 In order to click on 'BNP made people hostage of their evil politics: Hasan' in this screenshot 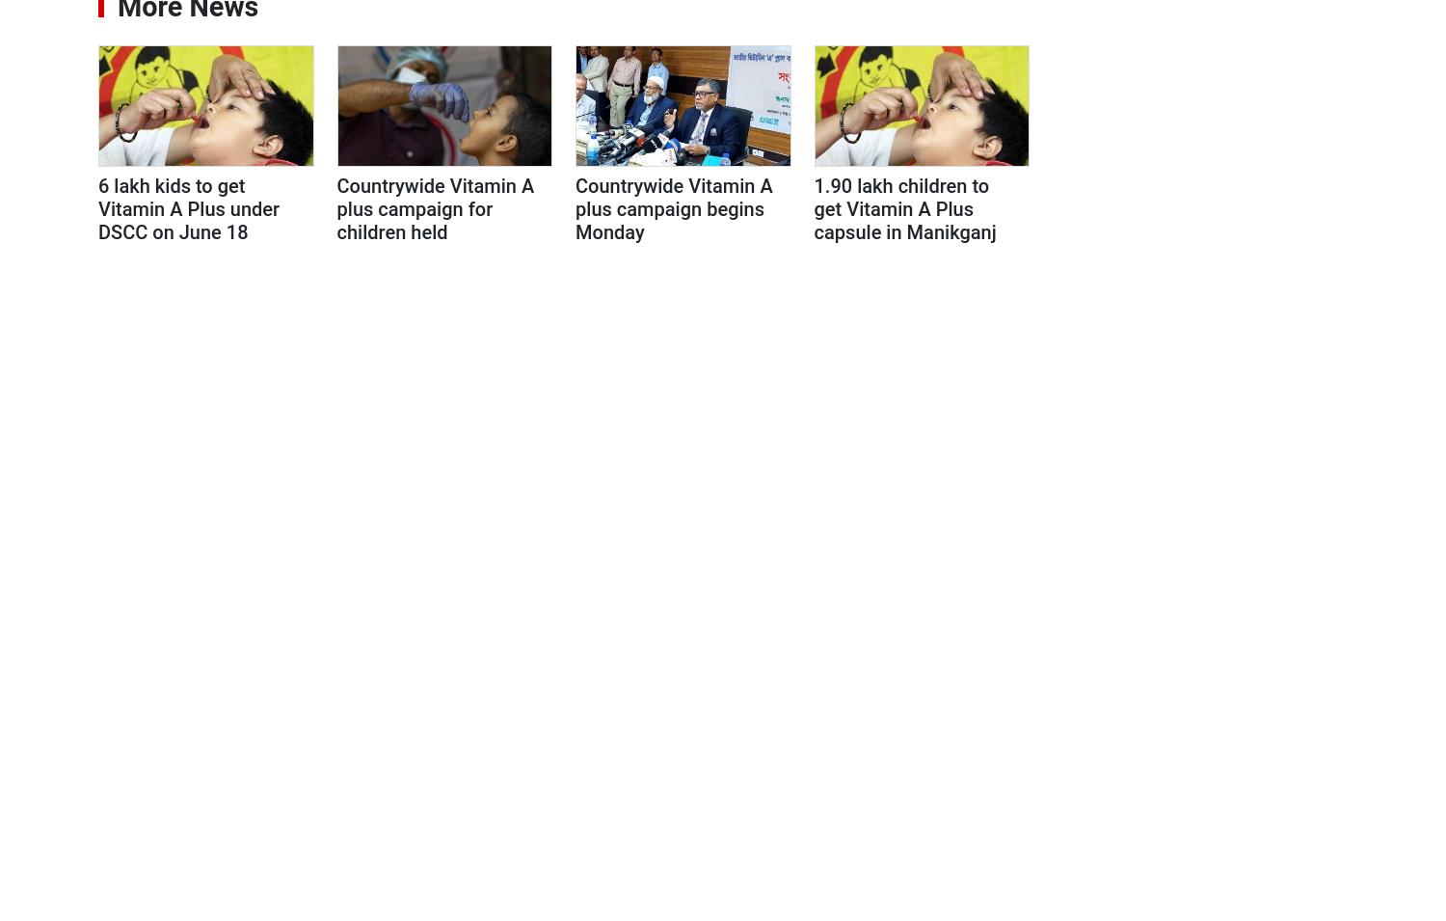, I will do `click(1218, 113)`.